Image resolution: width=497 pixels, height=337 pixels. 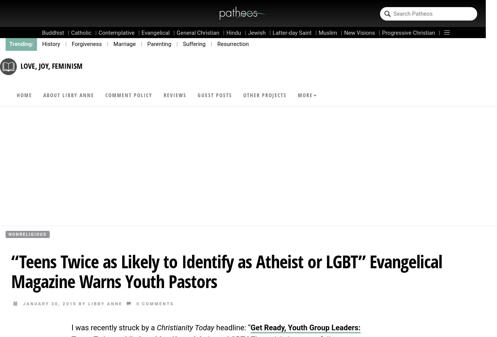 What do you see at coordinates (292, 33) in the screenshot?
I see `'Latter-day Saint'` at bounding box center [292, 33].